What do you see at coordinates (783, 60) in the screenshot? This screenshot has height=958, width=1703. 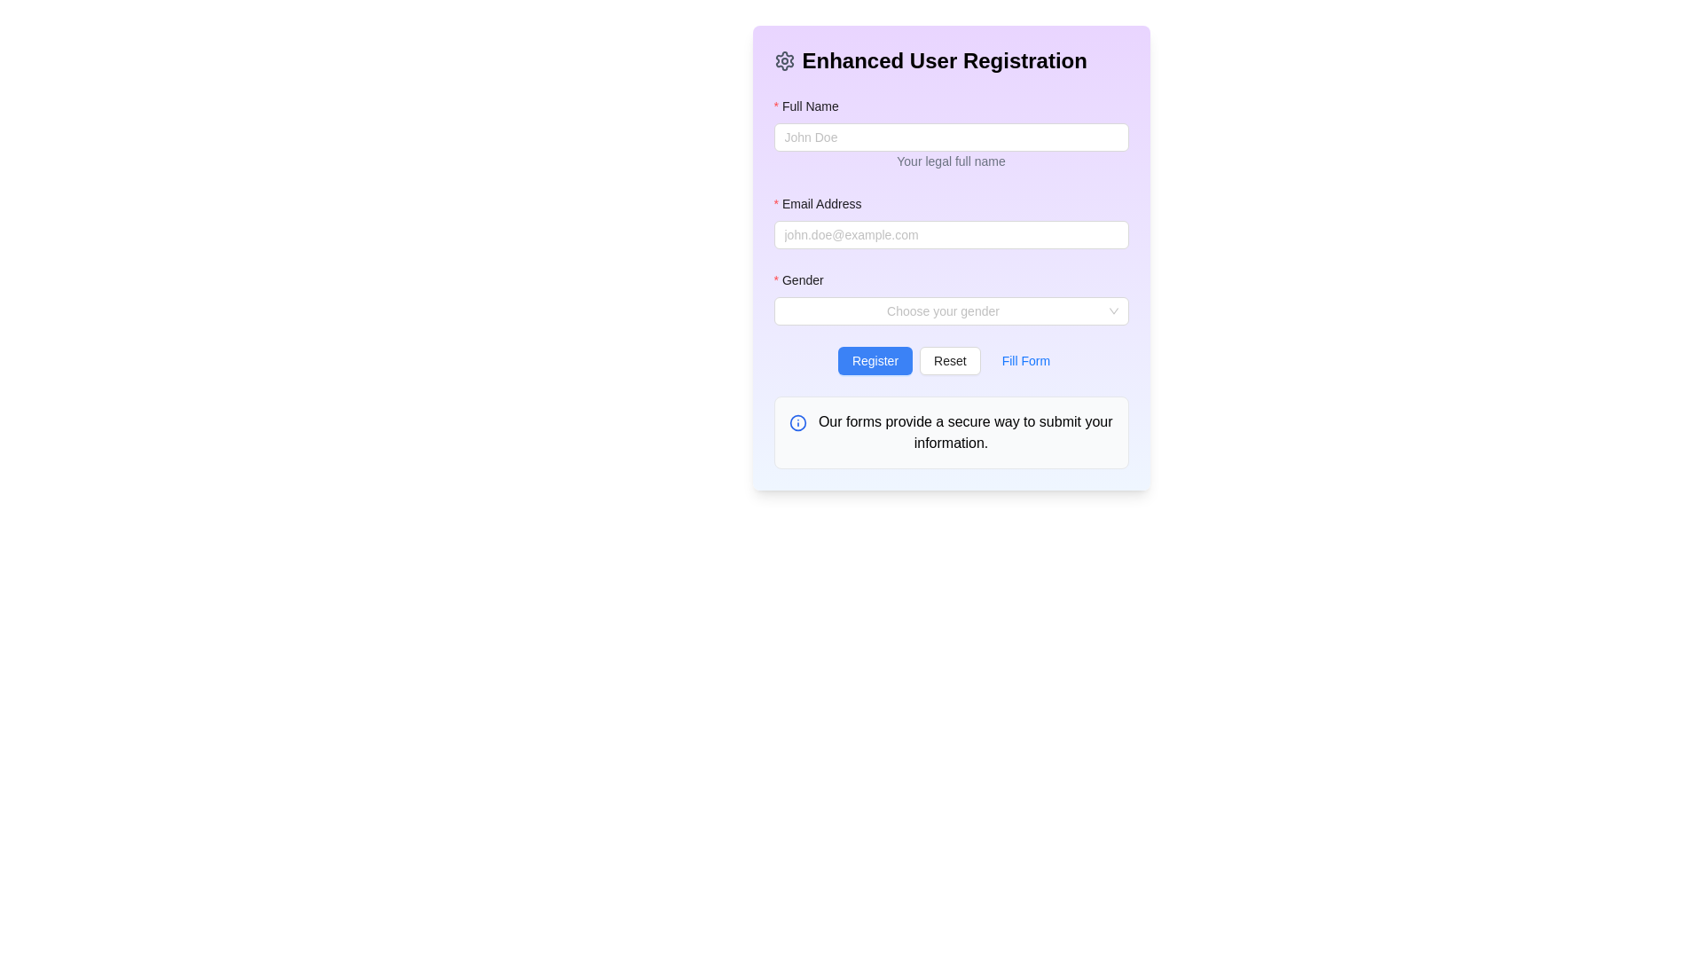 I see `the decorative part of the settings gear icon located to the left of the 'Enhanced User Registration' title at the top of the form` at bounding box center [783, 60].